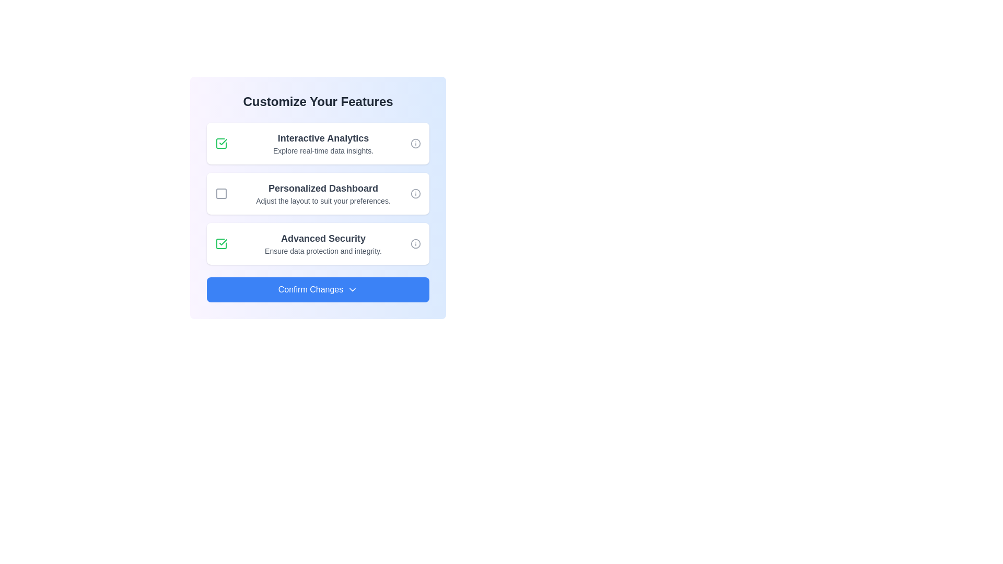 The height and width of the screenshot is (564, 1003). Describe the element at coordinates (223, 142) in the screenshot. I see `the green checkmark symbol representing the 'Advanced Security' feature within the SVG checkbox group` at that location.